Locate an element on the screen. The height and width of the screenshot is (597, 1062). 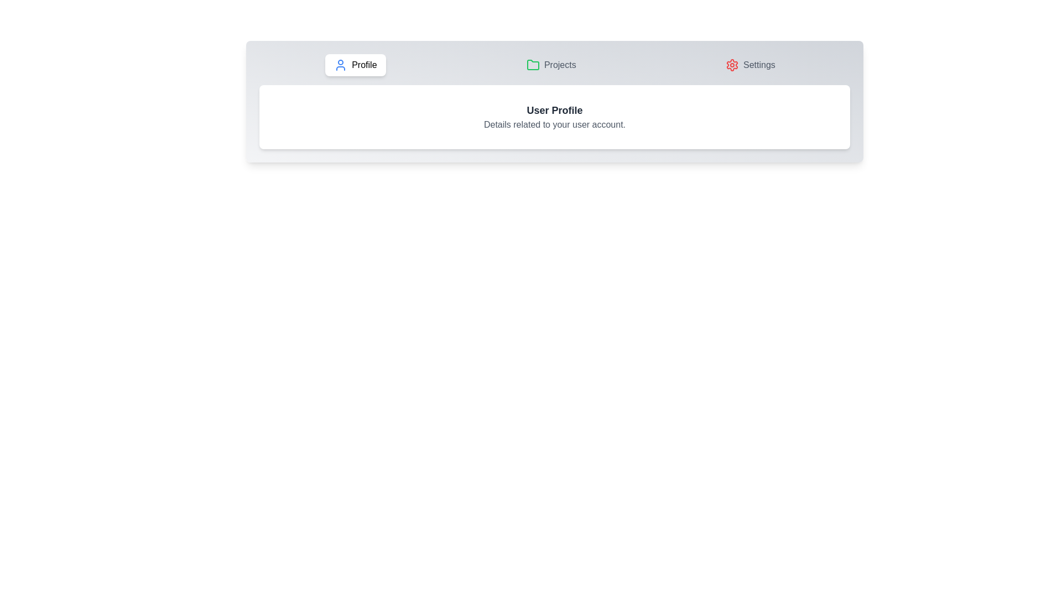
the Settings tab by clicking on the corresponding tab button is located at coordinates (750, 65).